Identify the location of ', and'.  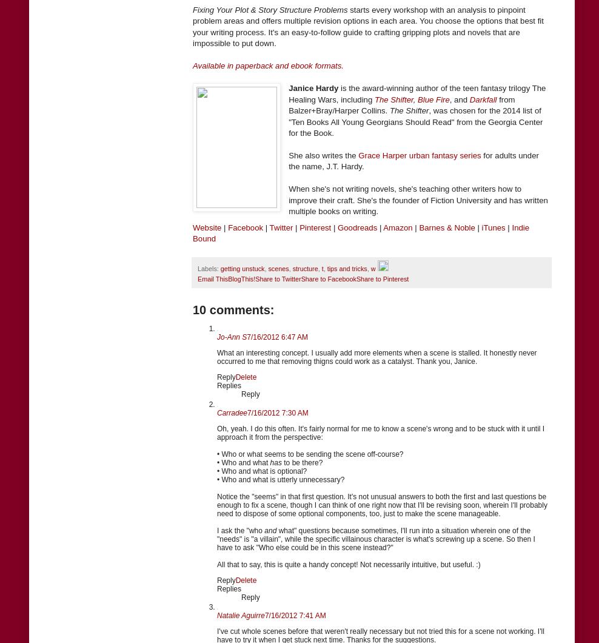
(458, 98).